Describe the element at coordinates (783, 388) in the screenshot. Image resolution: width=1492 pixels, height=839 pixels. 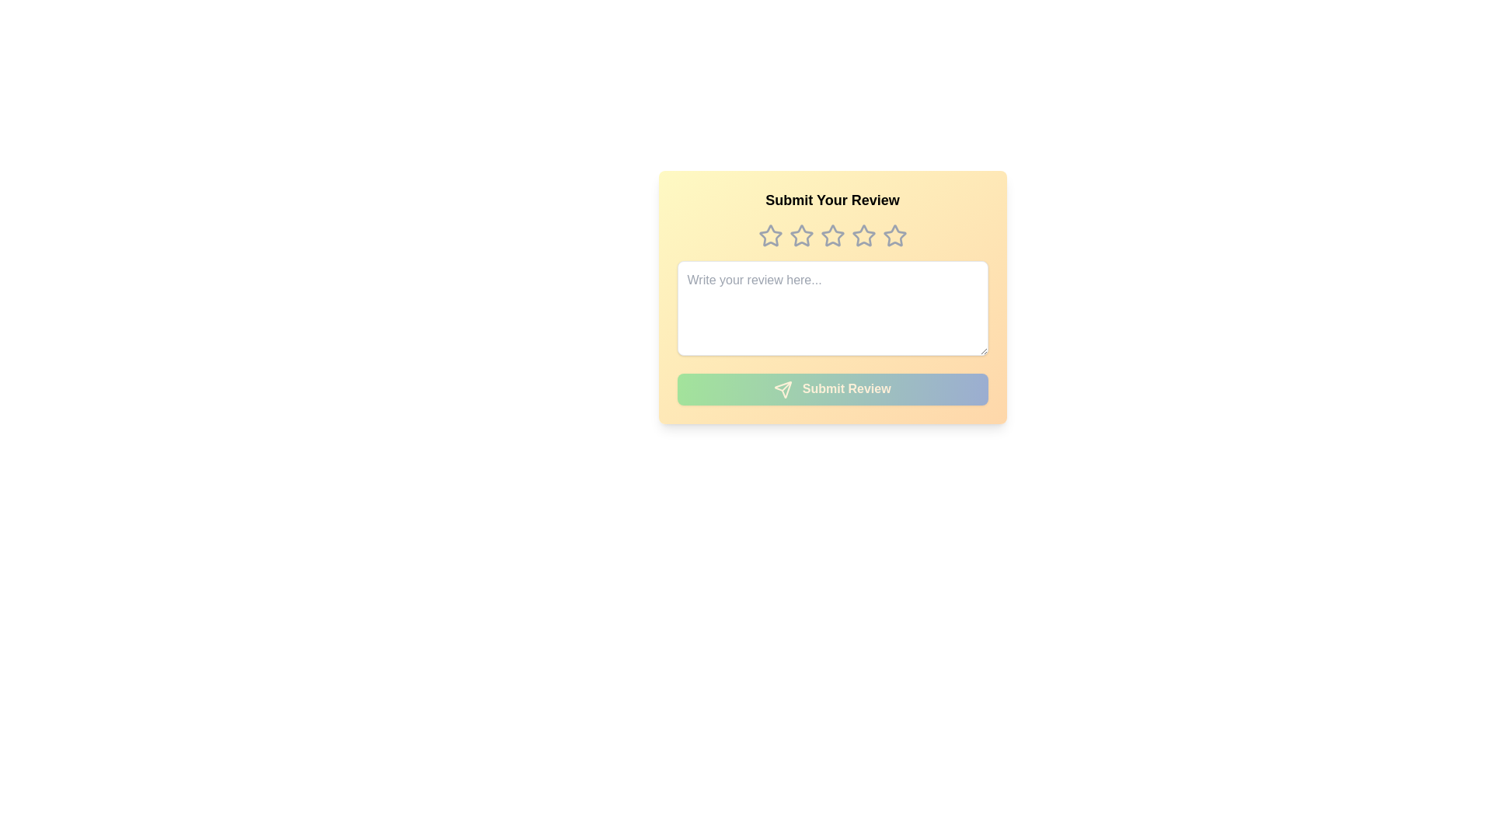
I see `the 'Submit Review' button which contains a triangular send icon, located at the bottom of the review submission form` at that location.